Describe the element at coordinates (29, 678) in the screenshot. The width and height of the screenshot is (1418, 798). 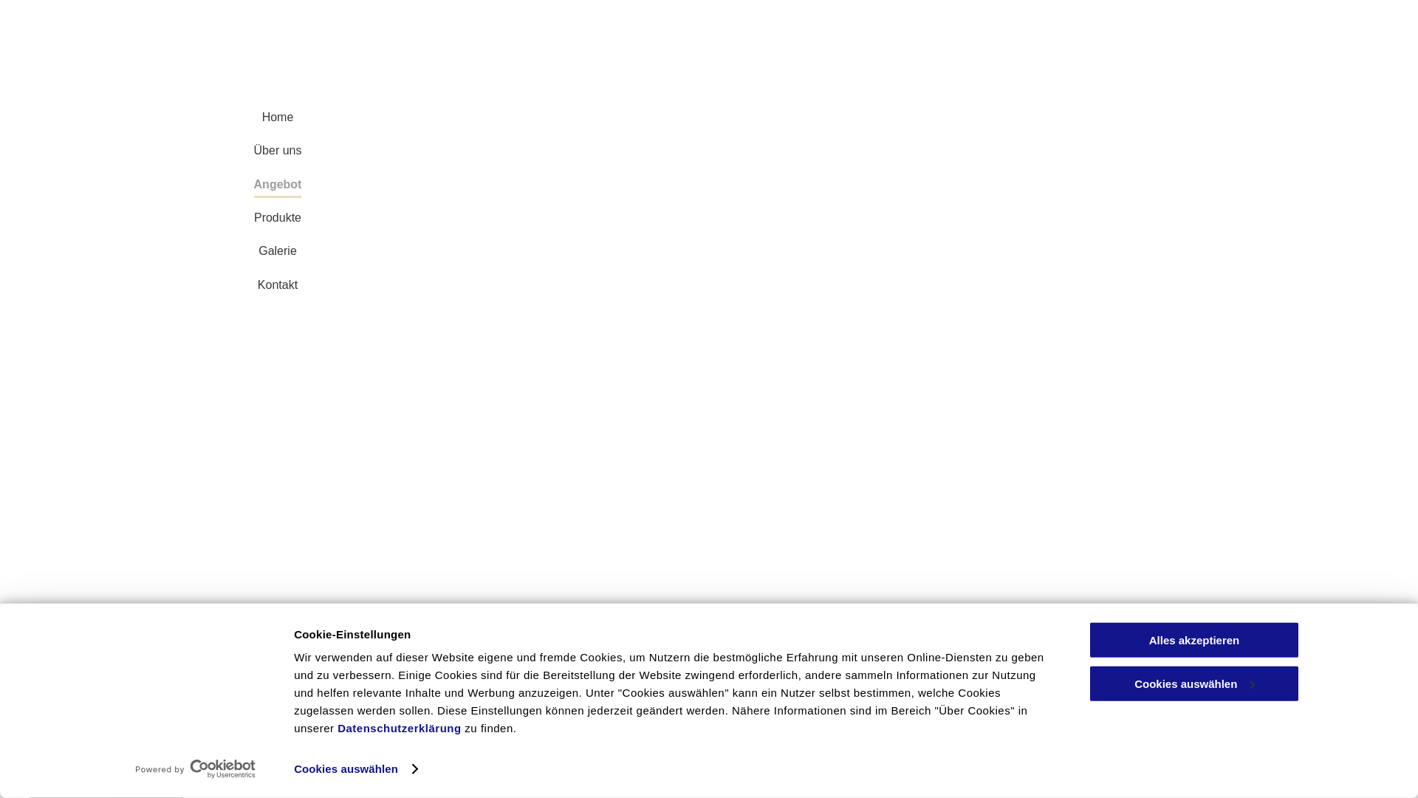
I see `'Coiffure Elsbeth Meier'` at that location.